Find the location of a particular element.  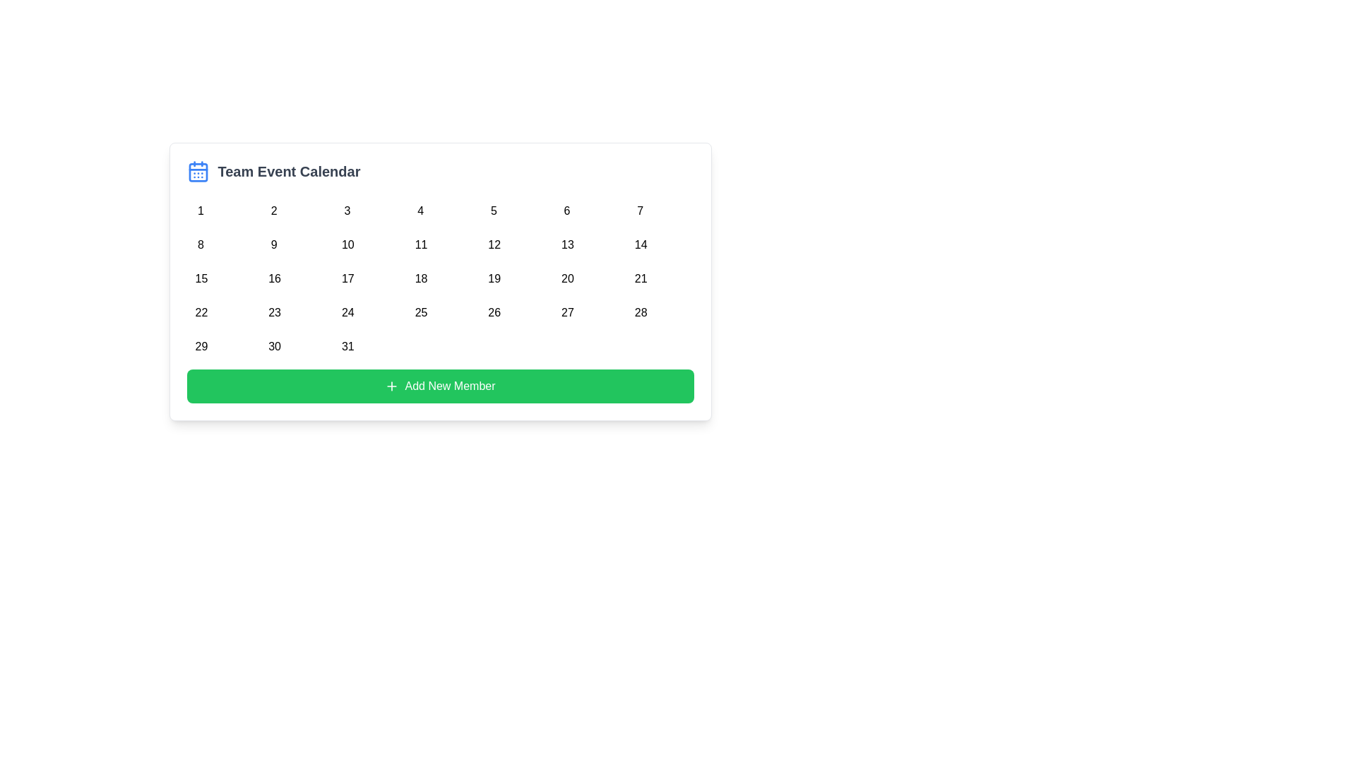

the SVG rectangle within the blue-themed calendar icon that is part of the 'Team Event Calendar' title is located at coordinates (197, 172).